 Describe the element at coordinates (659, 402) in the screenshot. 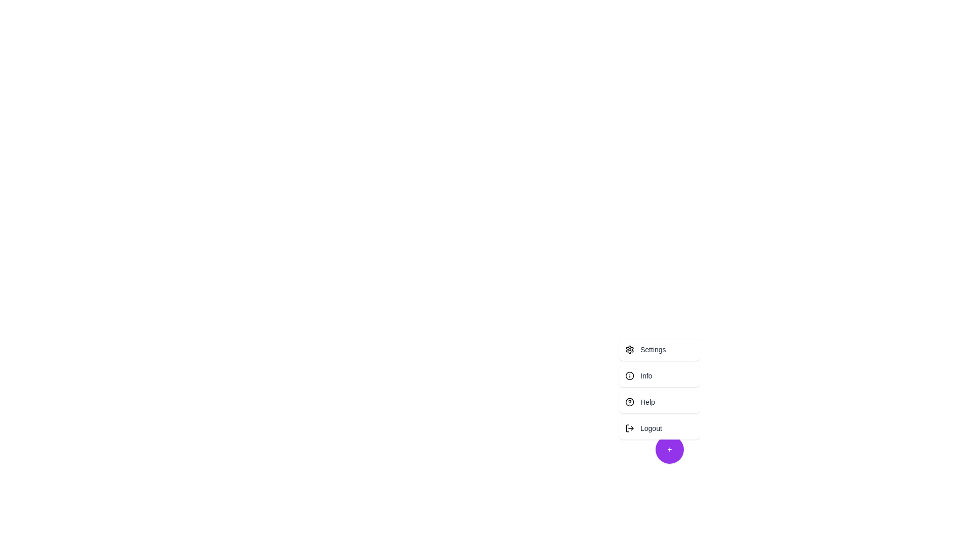

I see `the menu option Help by clicking on it` at that location.